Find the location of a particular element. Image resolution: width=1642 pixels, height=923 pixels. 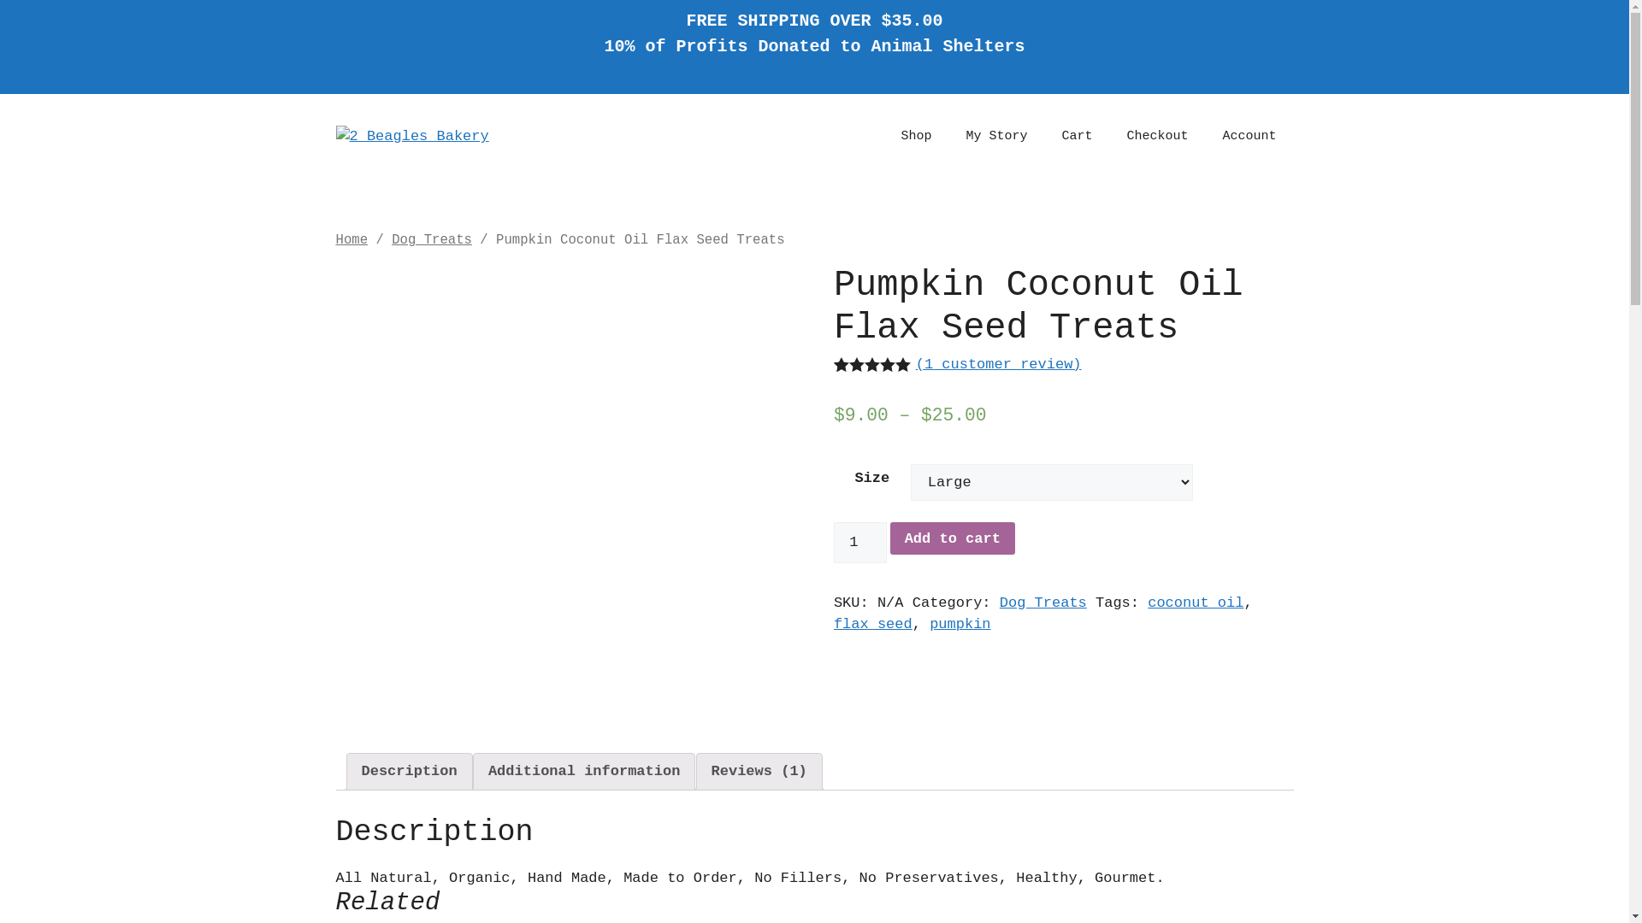

'Cart' is located at coordinates (1075, 135).